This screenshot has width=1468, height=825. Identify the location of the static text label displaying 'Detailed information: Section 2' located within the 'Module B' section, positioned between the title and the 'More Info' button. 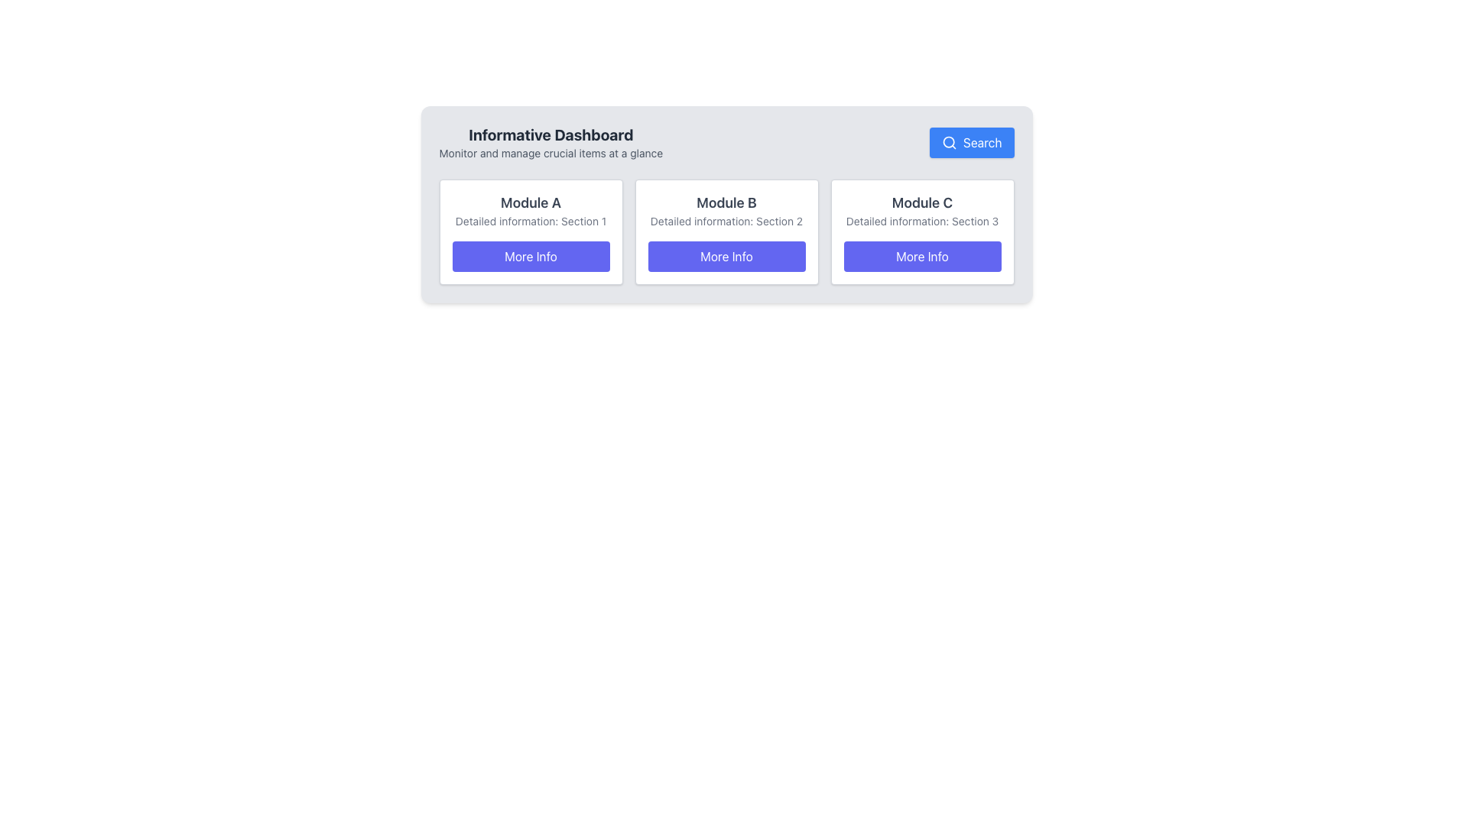
(726, 221).